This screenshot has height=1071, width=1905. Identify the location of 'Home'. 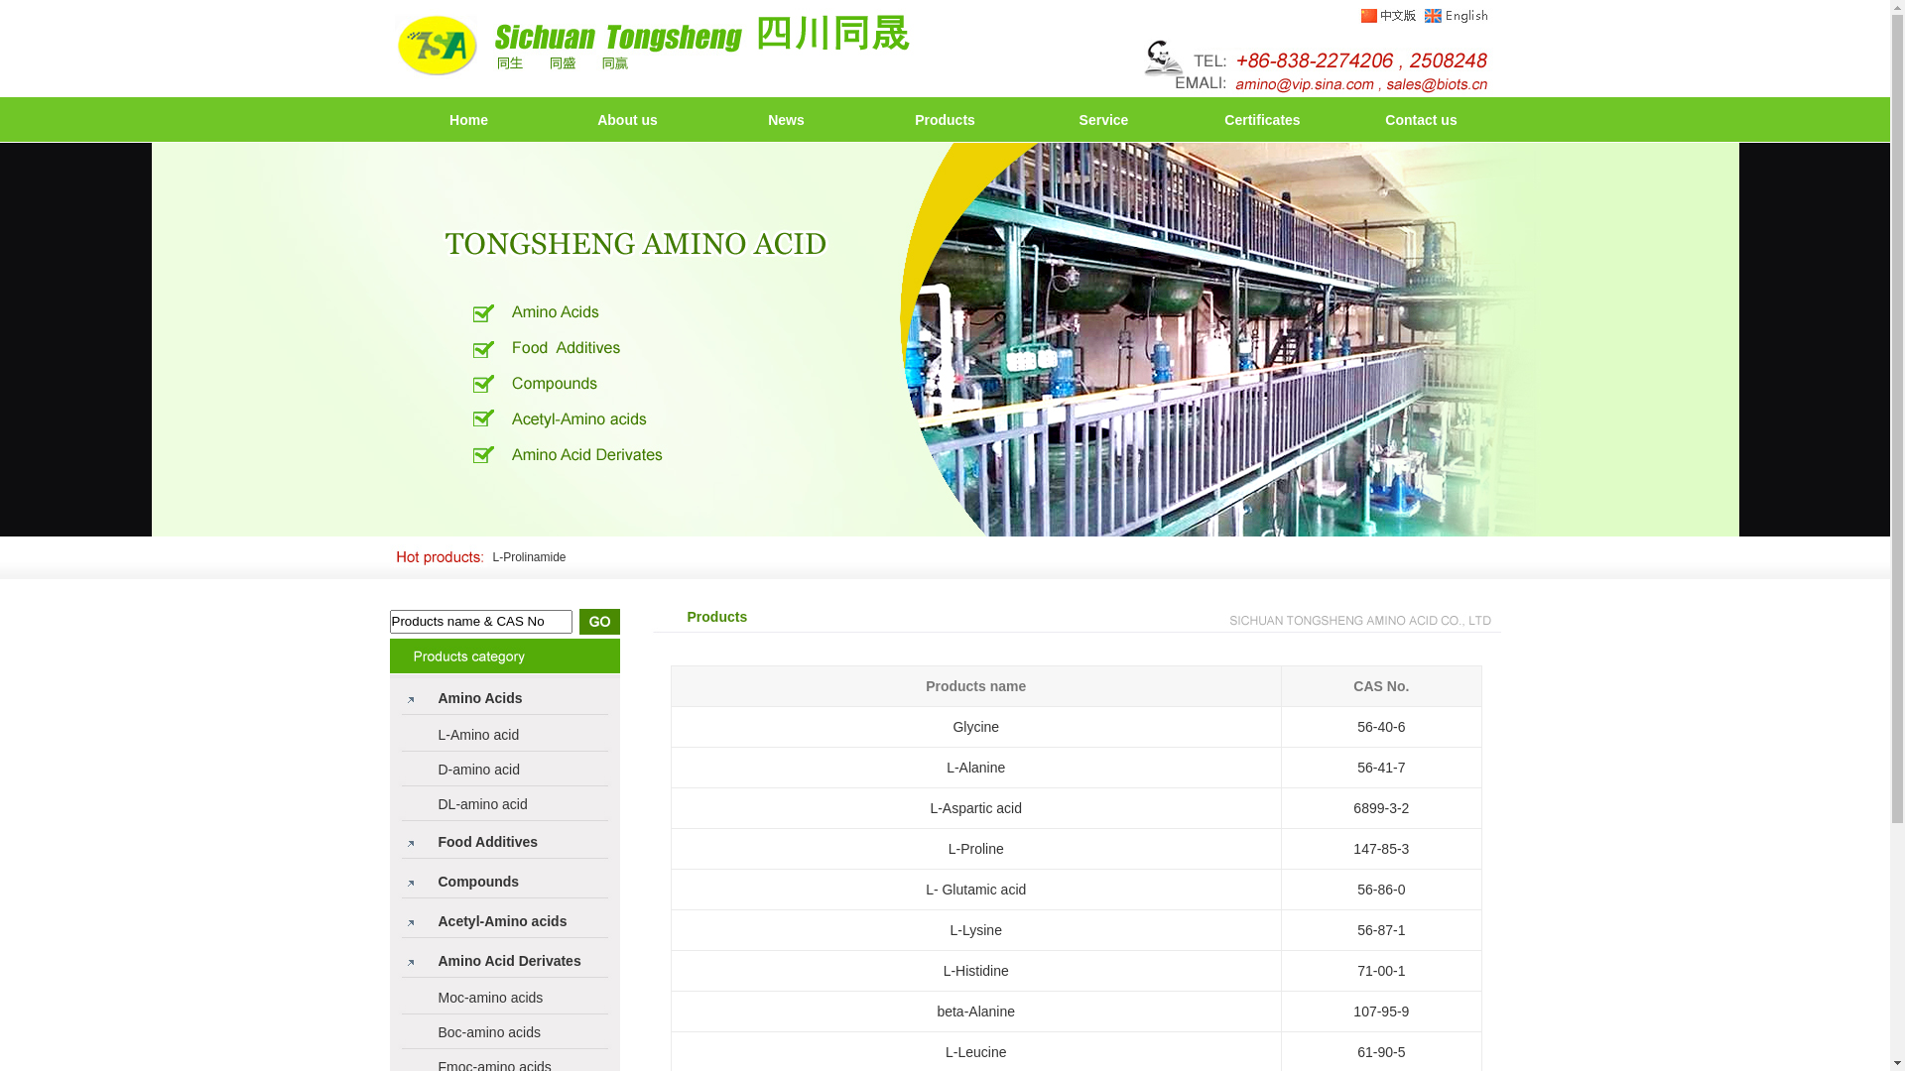
(467, 119).